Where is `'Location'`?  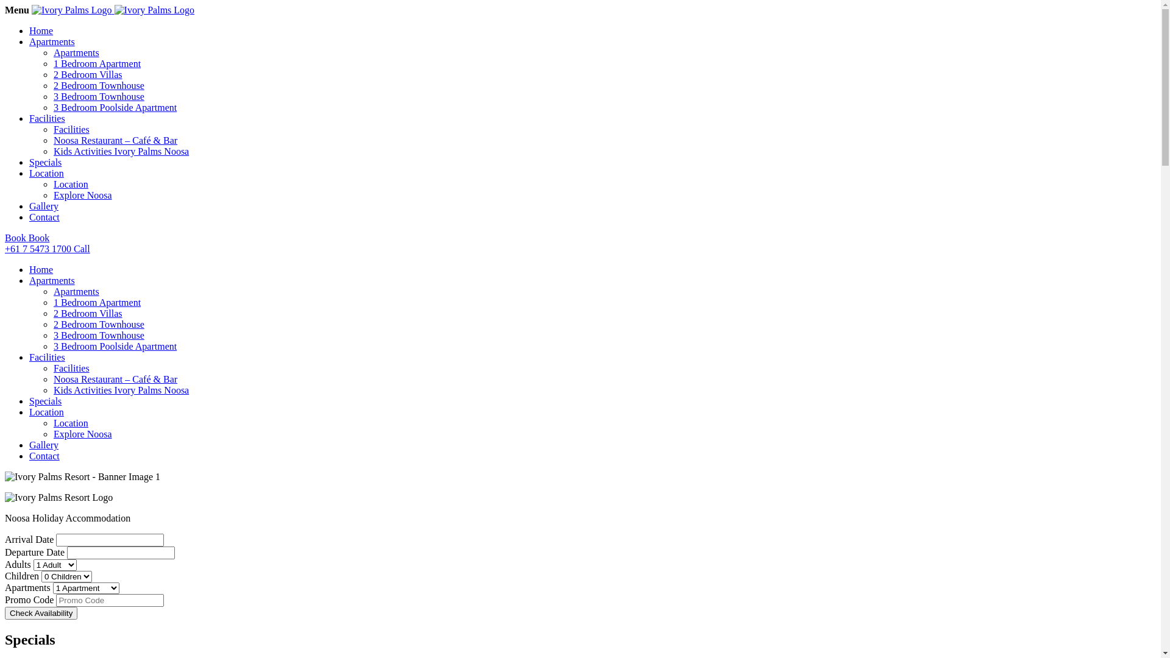
'Location' is located at coordinates (52, 184).